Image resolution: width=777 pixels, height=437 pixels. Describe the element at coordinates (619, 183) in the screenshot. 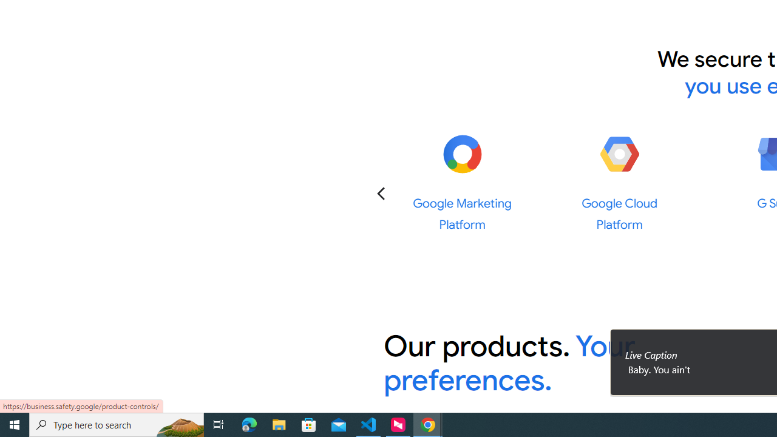

I see `'Google Cloud Platform Google Cloud Platform'` at that location.